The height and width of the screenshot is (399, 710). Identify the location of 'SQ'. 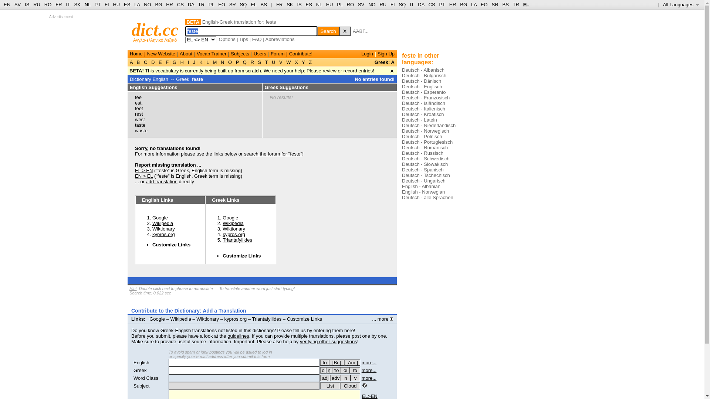
(243, 4).